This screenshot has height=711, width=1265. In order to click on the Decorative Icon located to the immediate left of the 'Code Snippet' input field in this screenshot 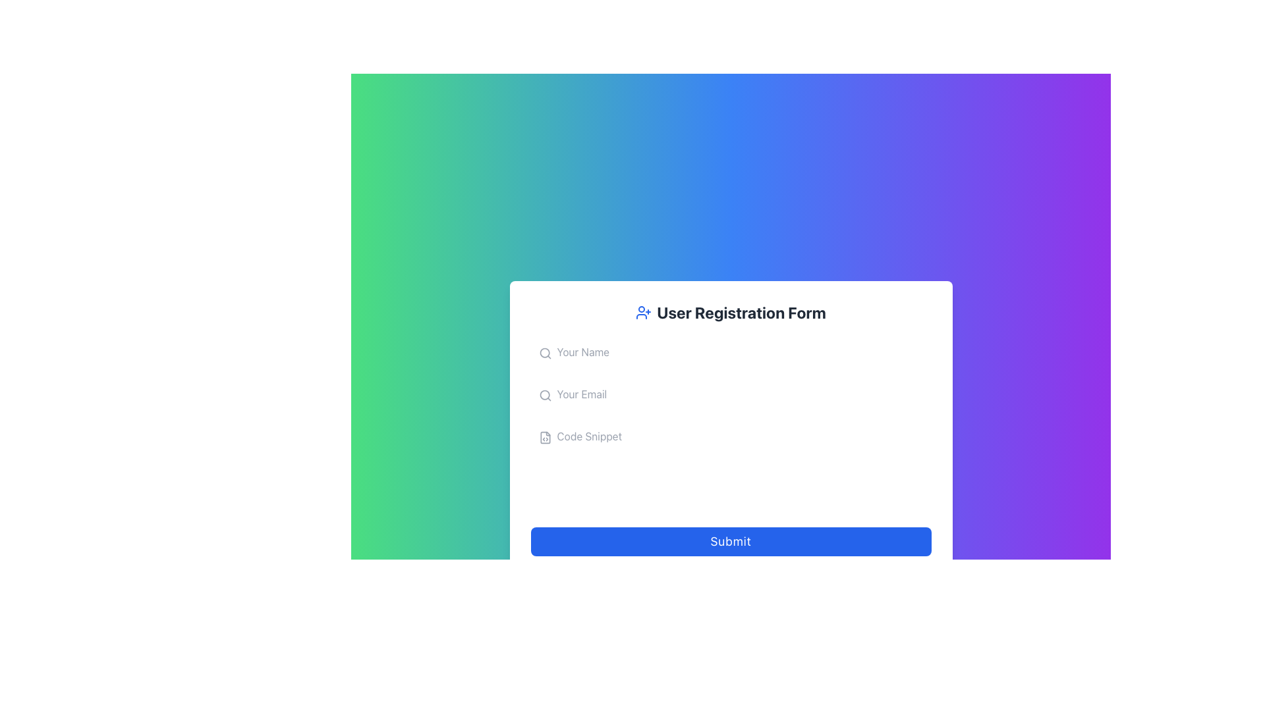, I will do `click(545, 437)`.